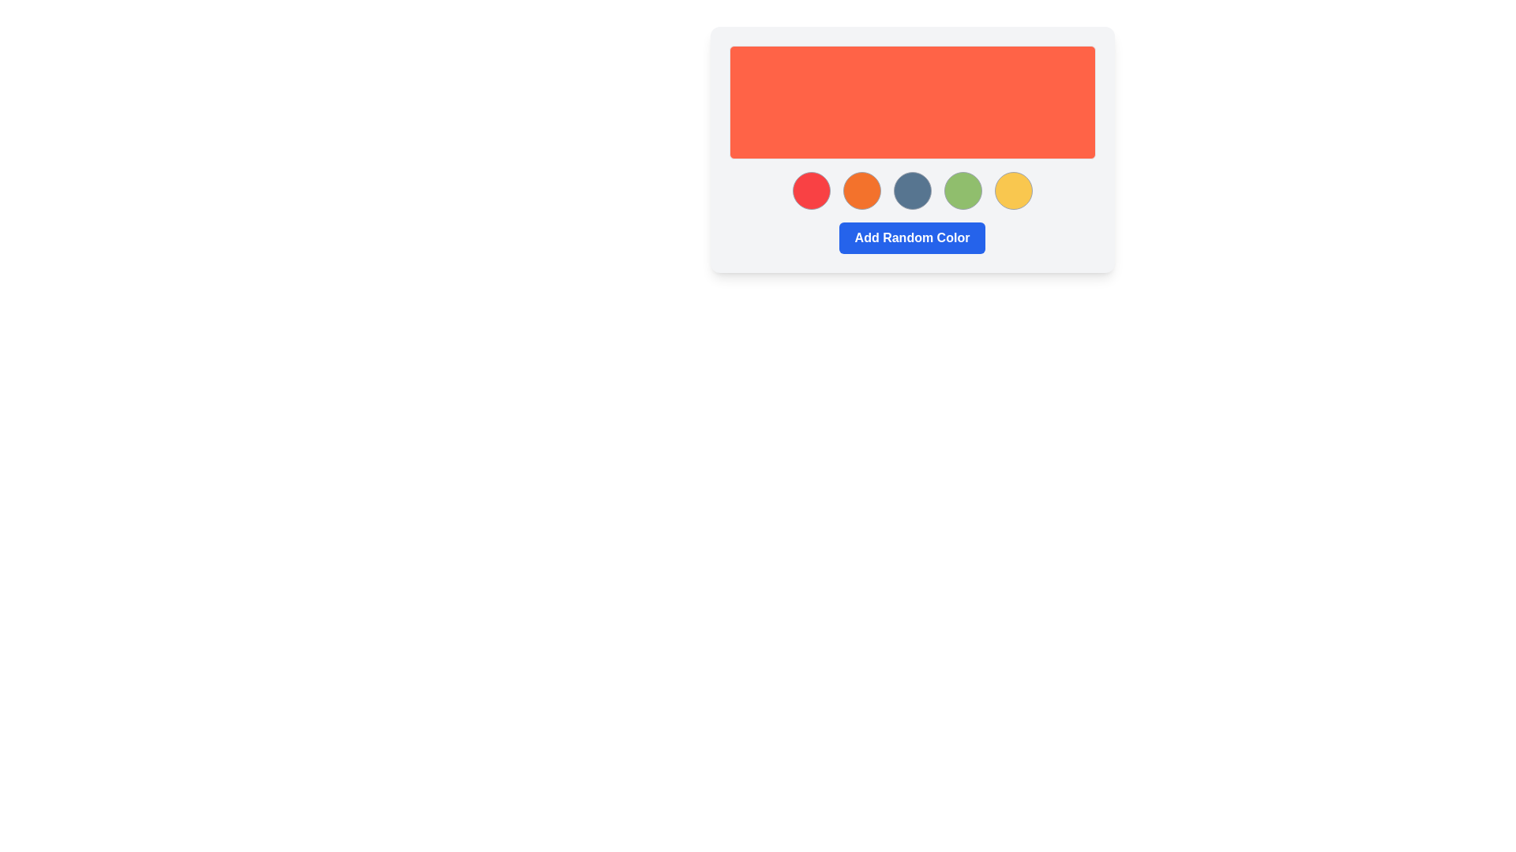  I want to click on the third circular button styled in dark blue (rgb(87, 117, 144)), so click(912, 190).